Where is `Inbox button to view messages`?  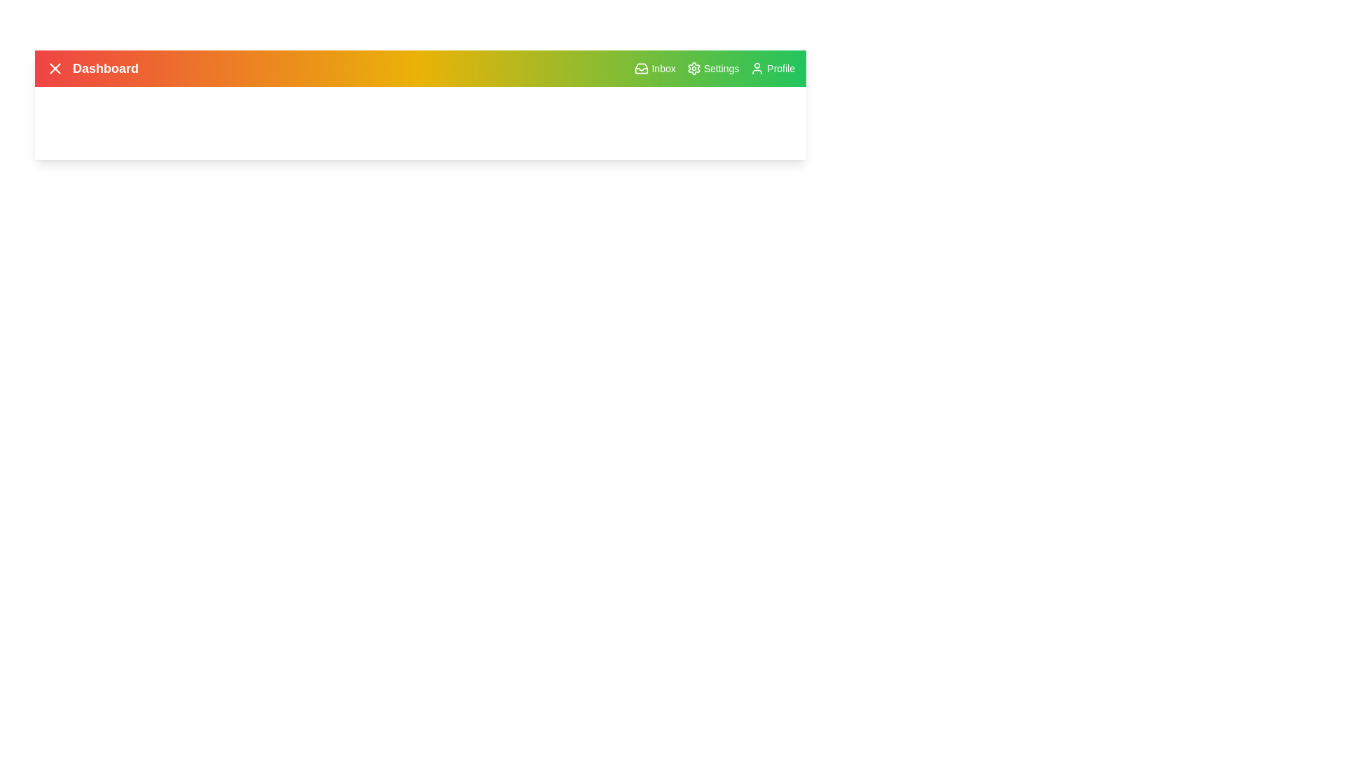 Inbox button to view messages is located at coordinates (654, 68).